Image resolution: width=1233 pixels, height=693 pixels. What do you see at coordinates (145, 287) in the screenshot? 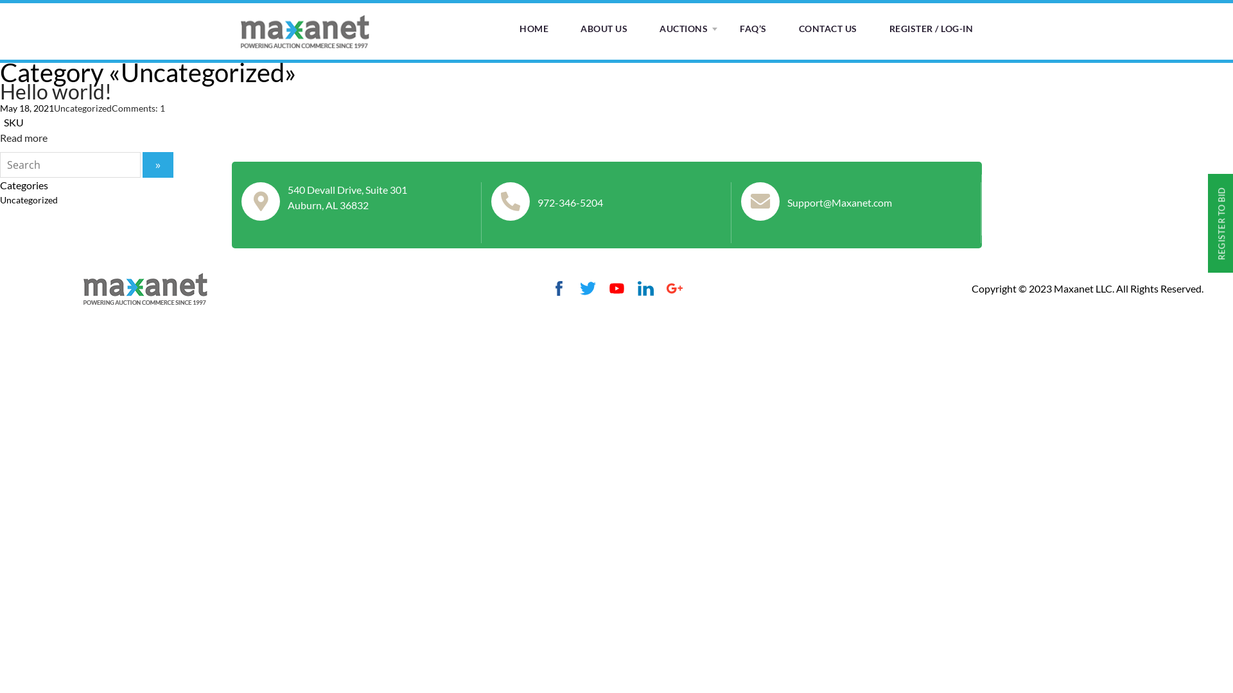
I see `'cropped-logo.png'` at bounding box center [145, 287].